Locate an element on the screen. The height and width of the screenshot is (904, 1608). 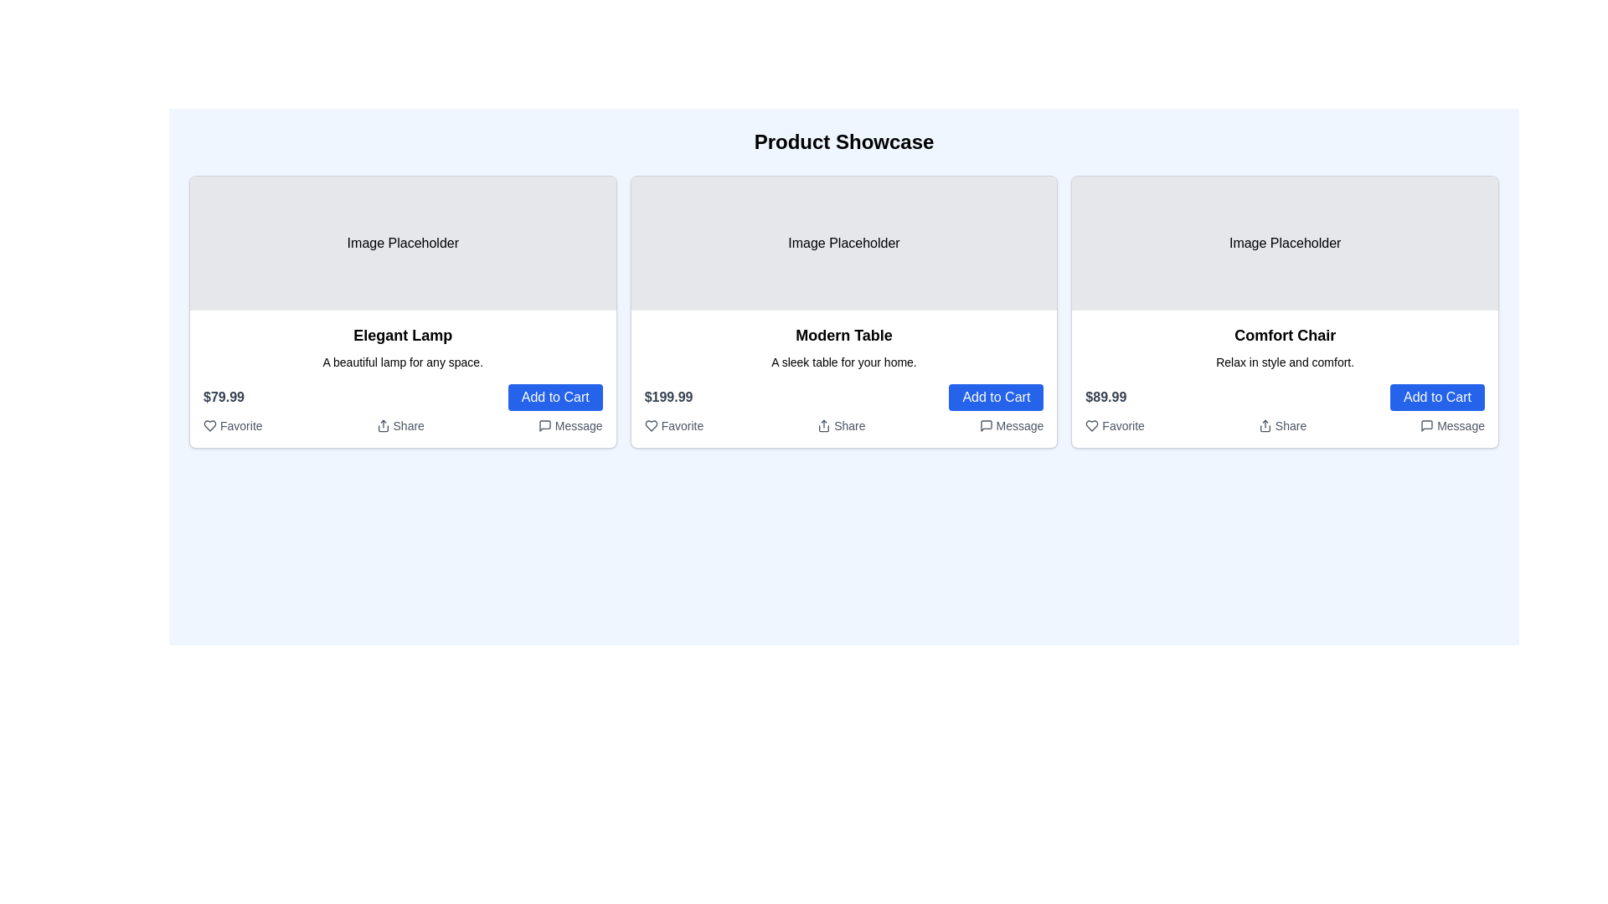
the minimalist share icon located in the second product card titled 'Modern Table', positioned adjacent to the 'Share' text label is located at coordinates (824, 425).